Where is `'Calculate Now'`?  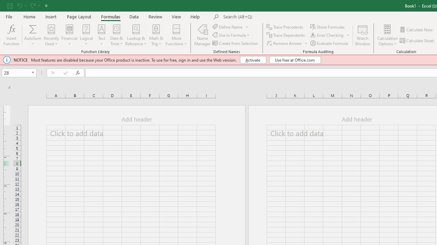
'Calculate Now' is located at coordinates (416, 29).